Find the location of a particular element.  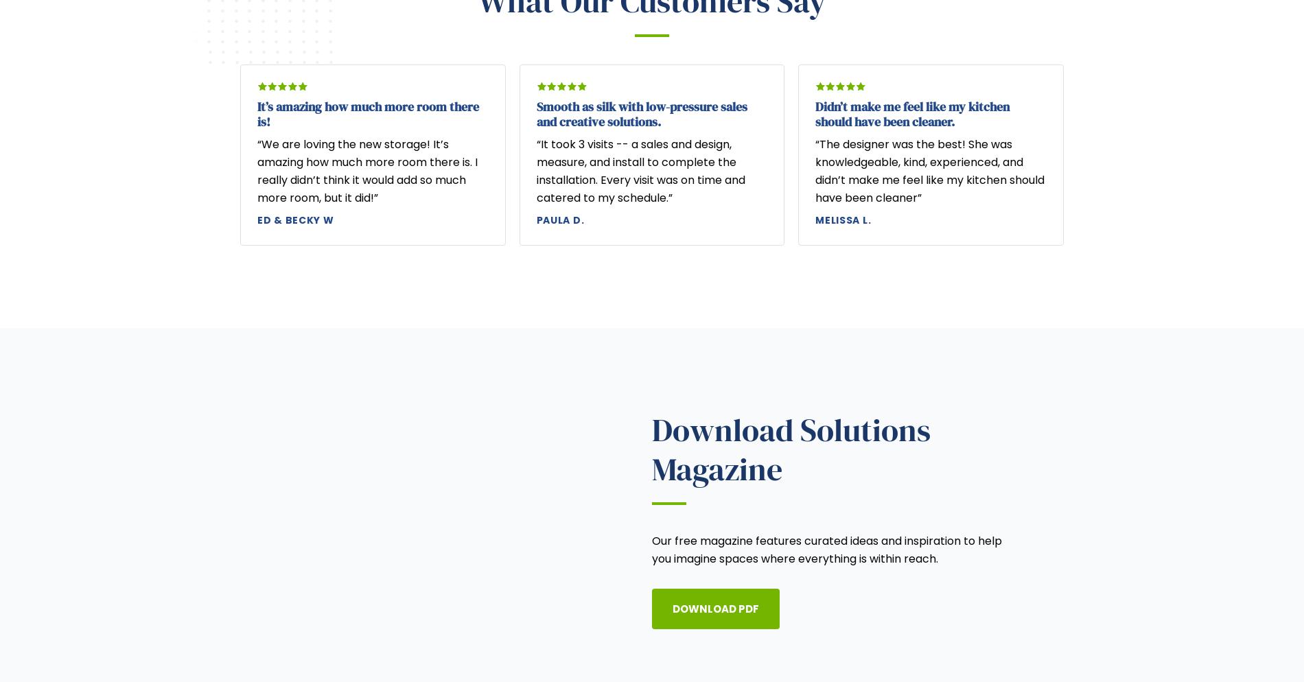

'It’s amazing how much more room there is!' is located at coordinates (257, 113).